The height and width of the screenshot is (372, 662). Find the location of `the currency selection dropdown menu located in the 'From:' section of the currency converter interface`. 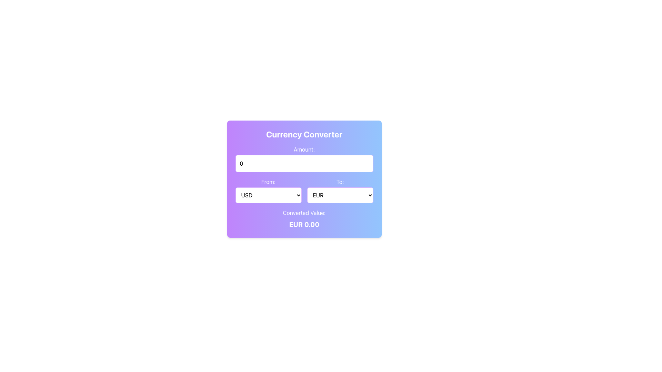

the currency selection dropdown menu located in the 'From:' section of the currency converter interface is located at coordinates (268, 195).